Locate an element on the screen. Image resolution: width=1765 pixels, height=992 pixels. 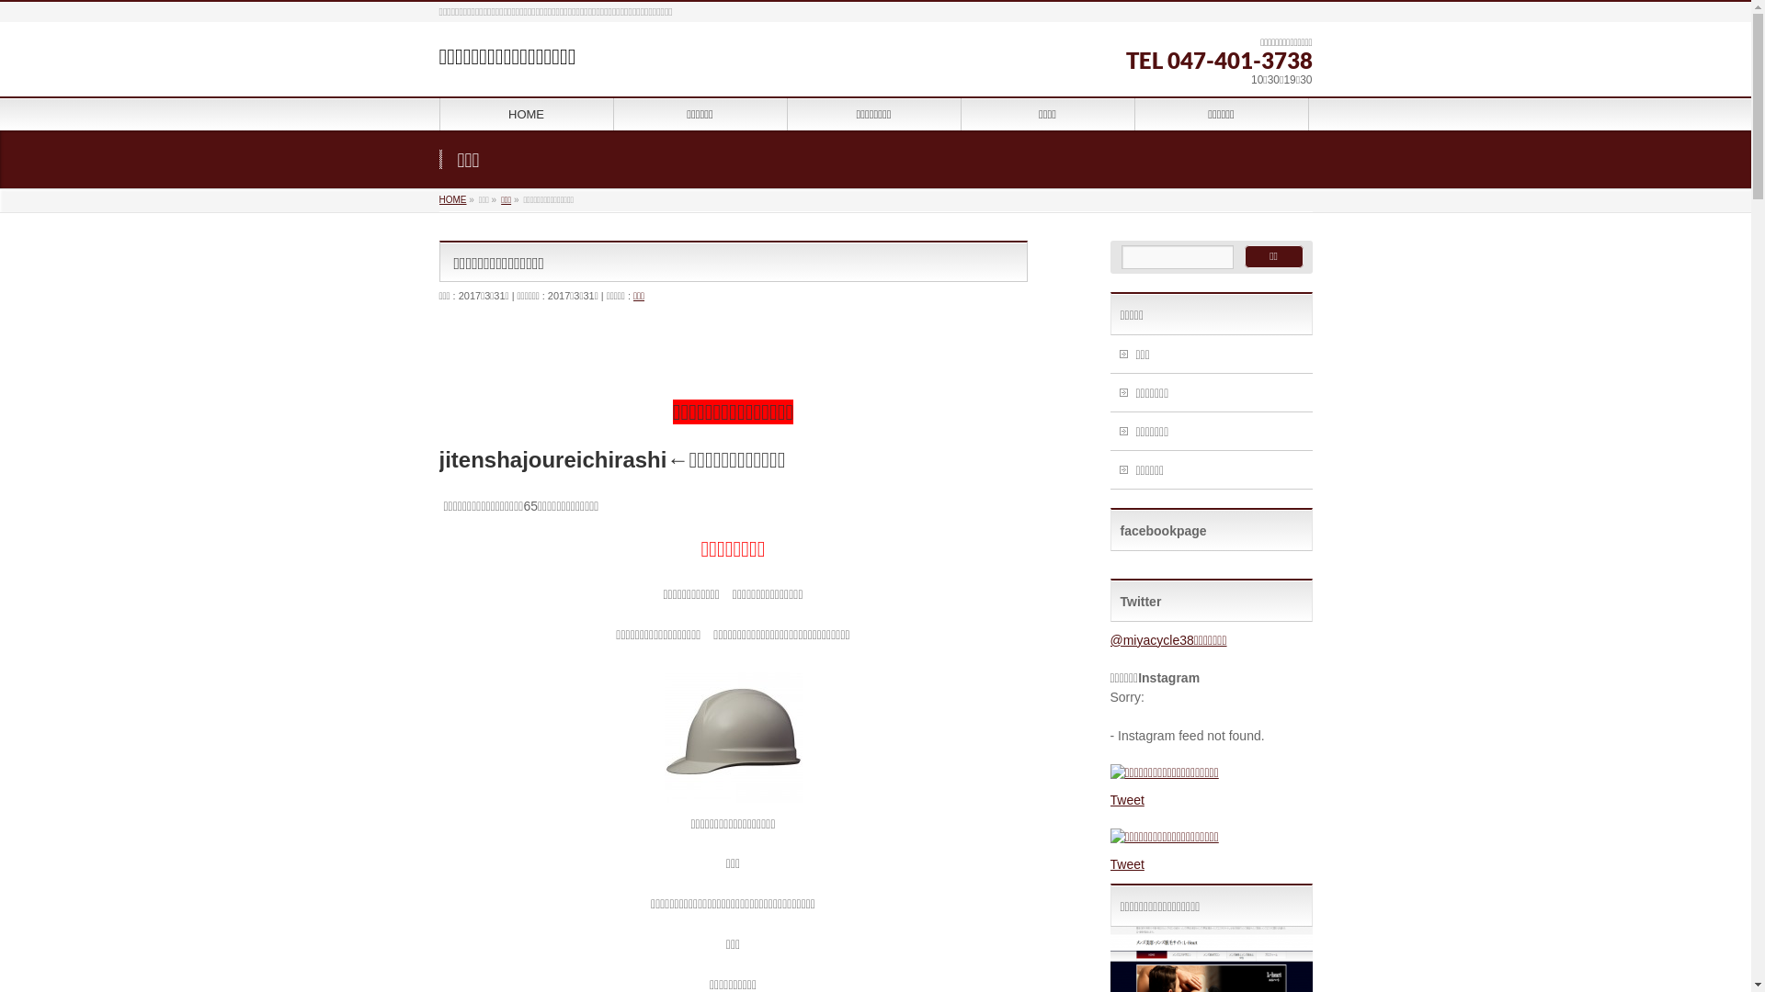
'HOME' is located at coordinates (453, 199).